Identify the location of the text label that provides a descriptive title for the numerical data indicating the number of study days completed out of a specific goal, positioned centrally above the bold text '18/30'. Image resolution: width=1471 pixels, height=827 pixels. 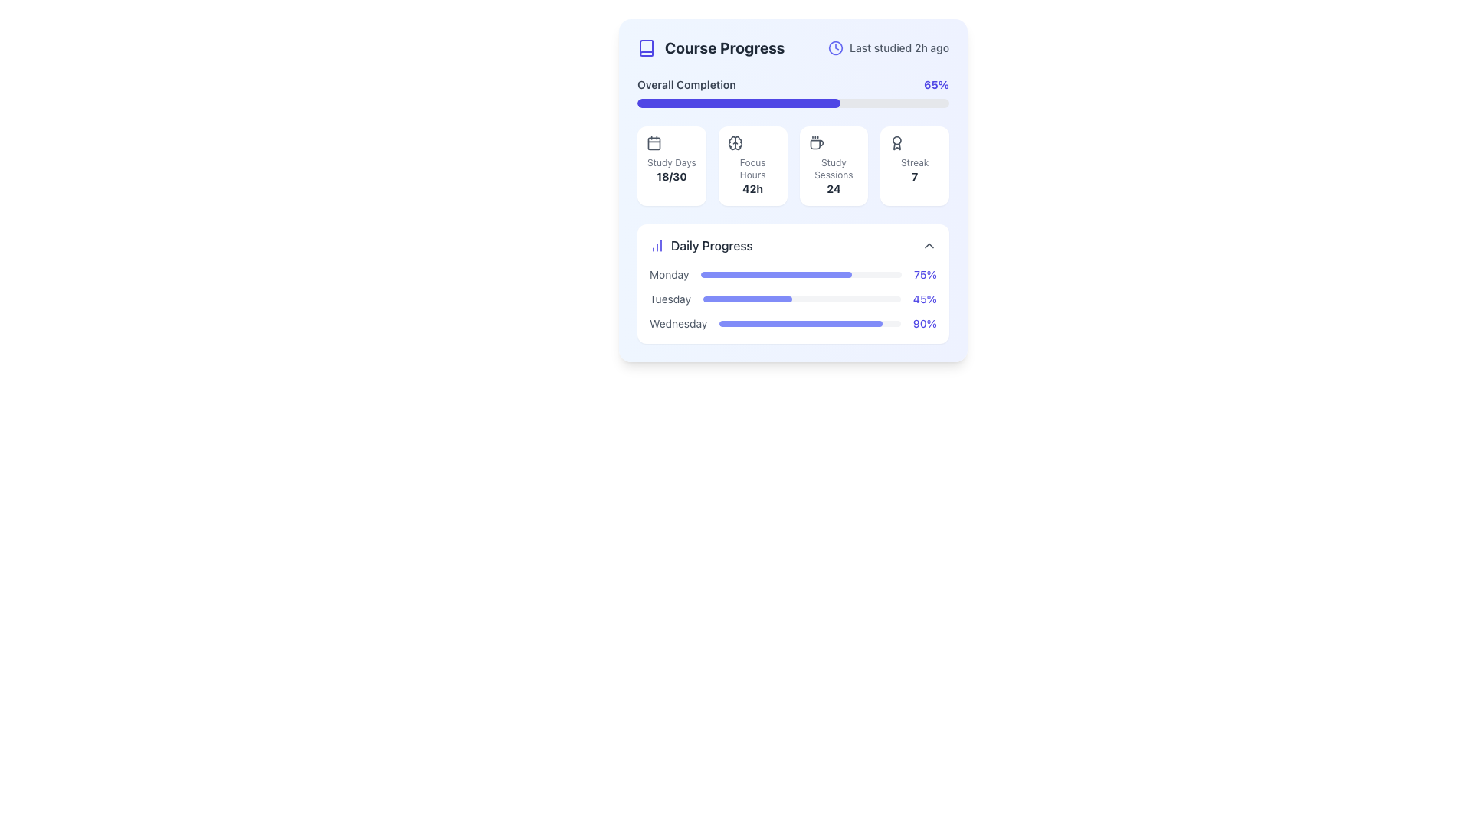
(671, 162).